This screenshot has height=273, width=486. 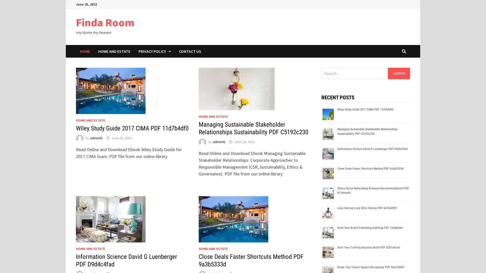 What do you see at coordinates (398, 73) in the screenshot?
I see `Search` at bounding box center [398, 73].